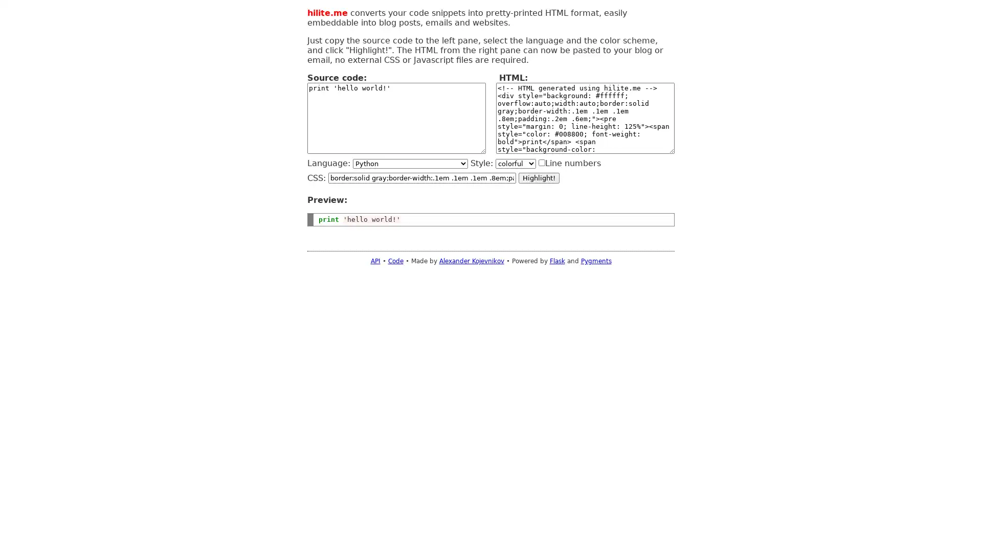  What do you see at coordinates (539, 177) in the screenshot?
I see `Highlight!` at bounding box center [539, 177].